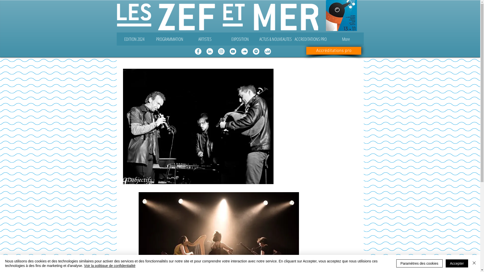 The image size is (484, 272). What do you see at coordinates (457, 263) in the screenshot?
I see `'Accepter'` at bounding box center [457, 263].